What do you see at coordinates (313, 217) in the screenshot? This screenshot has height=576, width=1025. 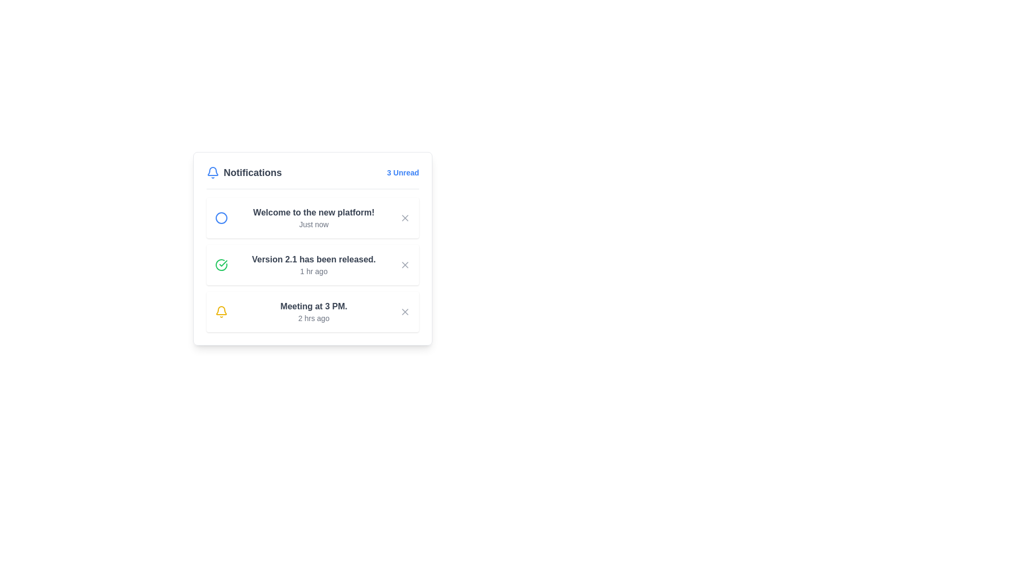 I see `text content of the notification information displayed in the text block located adjacent to the left-side blue circular icon and to the left of the close button` at bounding box center [313, 217].